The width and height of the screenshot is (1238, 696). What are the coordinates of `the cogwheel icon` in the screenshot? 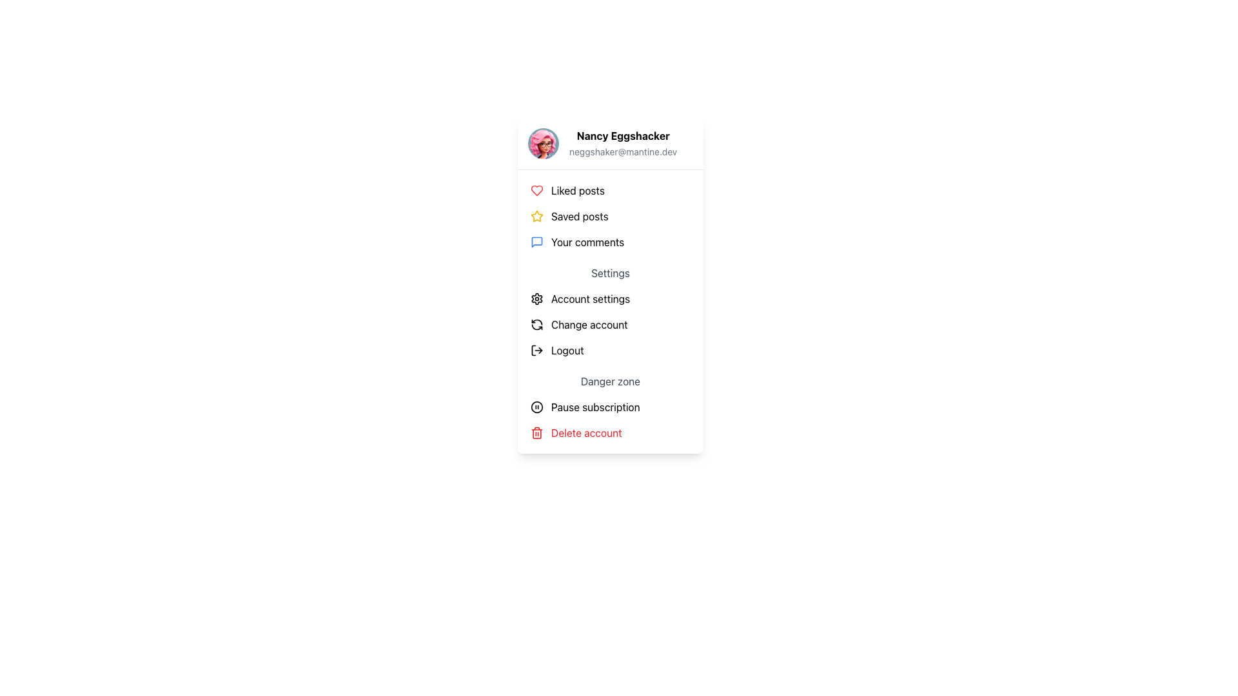 It's located at (537, 298).